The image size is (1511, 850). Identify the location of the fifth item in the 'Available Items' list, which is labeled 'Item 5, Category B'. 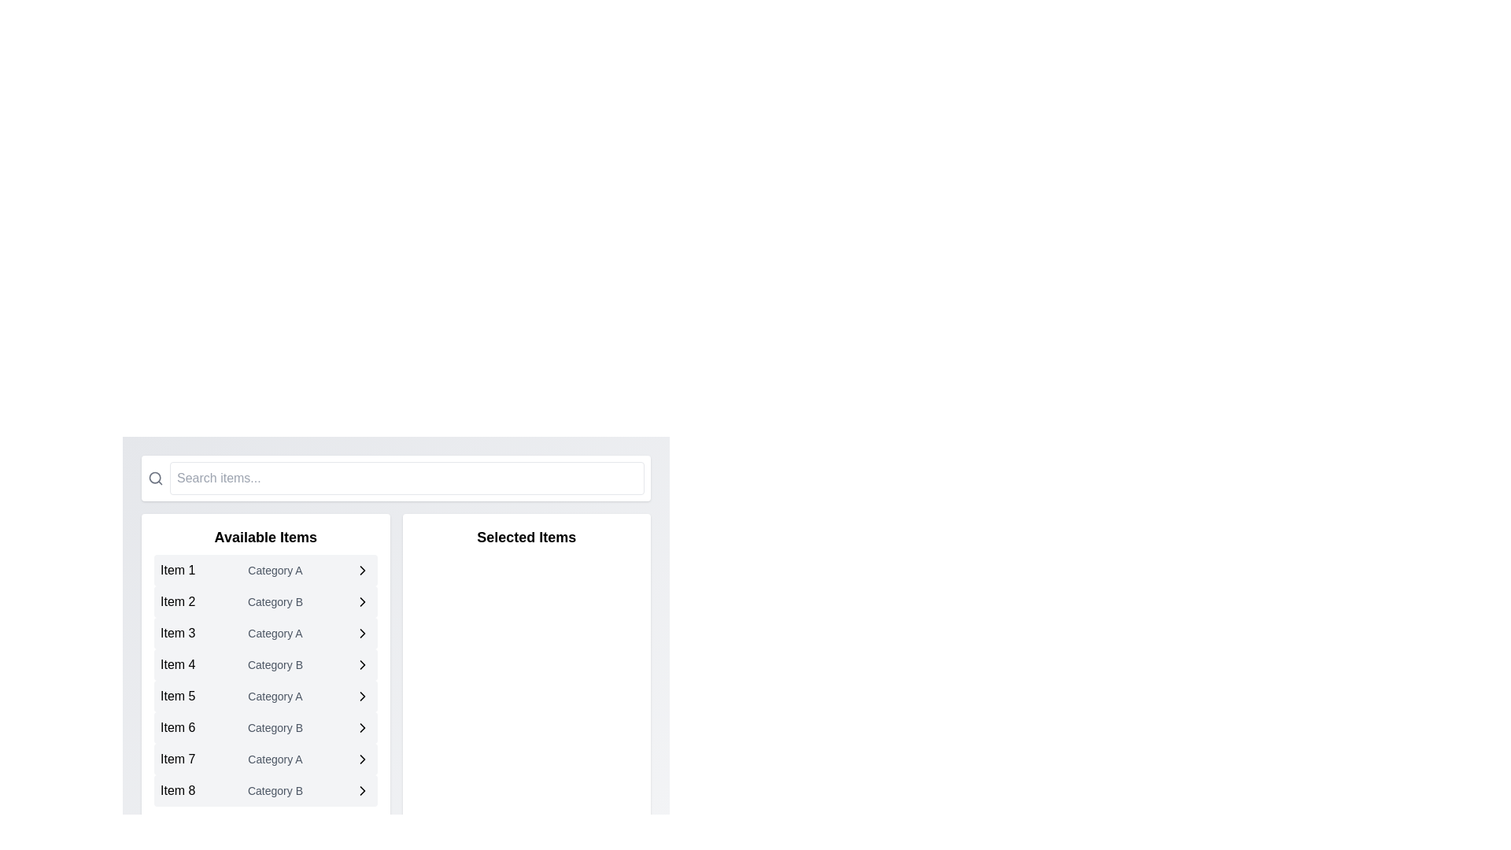
(265, 679).